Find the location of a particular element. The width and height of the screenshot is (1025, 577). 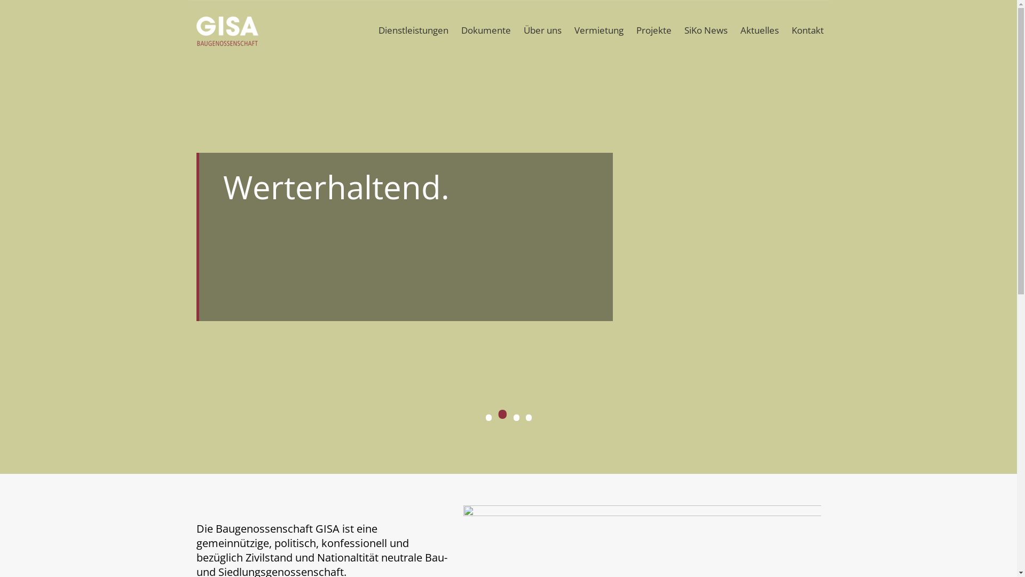

'Projekte' is located at coordinates (653, 29).